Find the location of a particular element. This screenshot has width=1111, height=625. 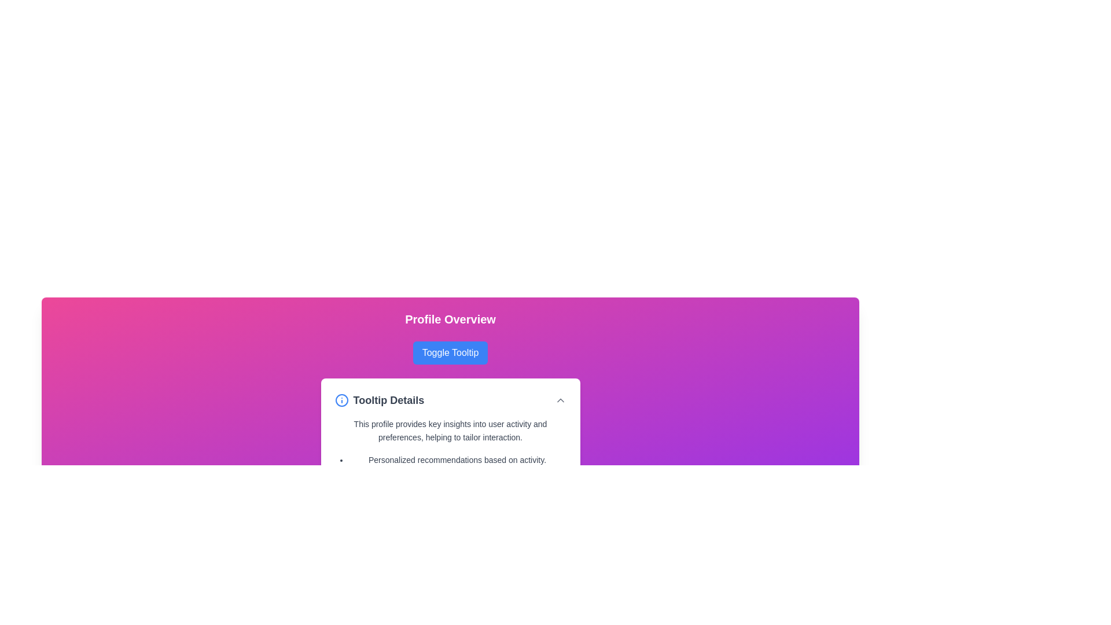

the rectangular 'Toggle Tooltip' button with a blue background and white text is located at coordinates (450, 352).